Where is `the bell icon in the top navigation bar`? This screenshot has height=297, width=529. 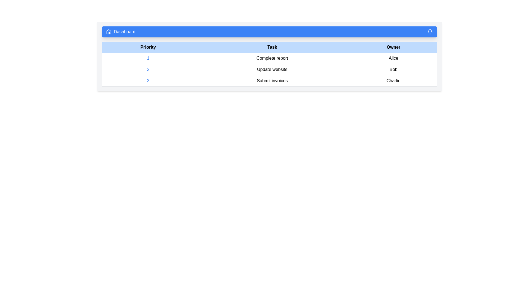
the bell icon in the top navigation bar is located at coordinates (430, 32).